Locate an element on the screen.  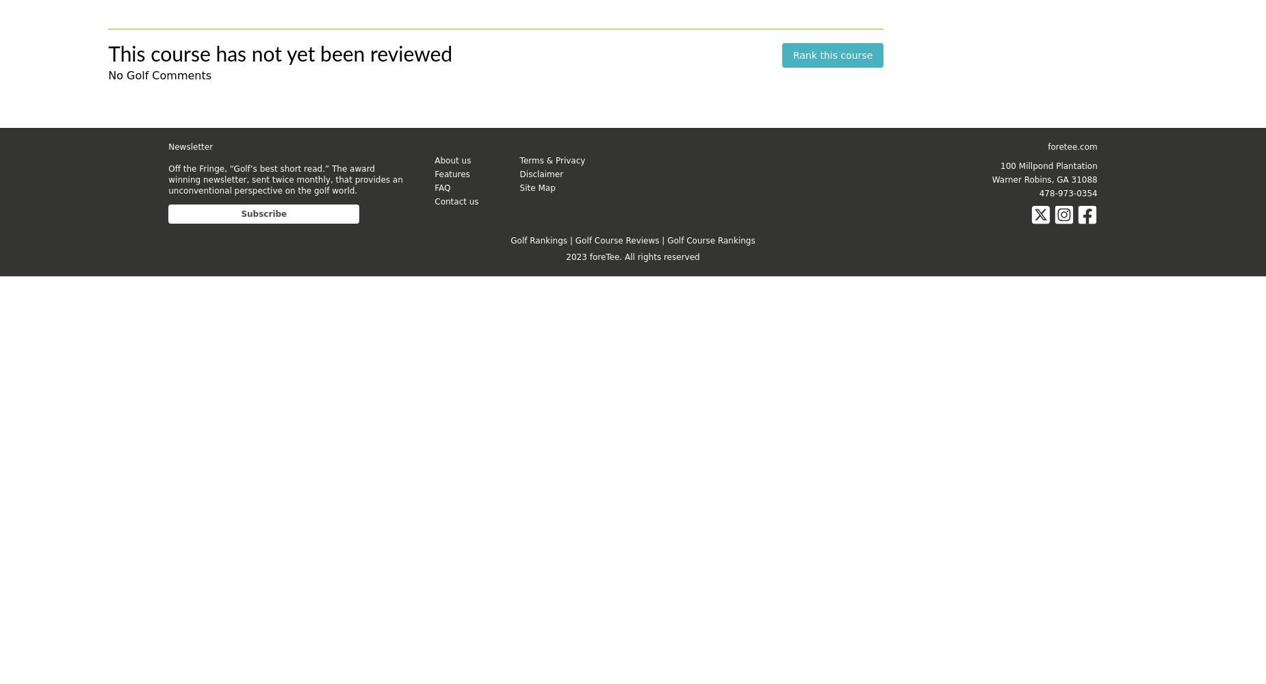
'Golf Course Reviews' is located at coordinates (617, 239).